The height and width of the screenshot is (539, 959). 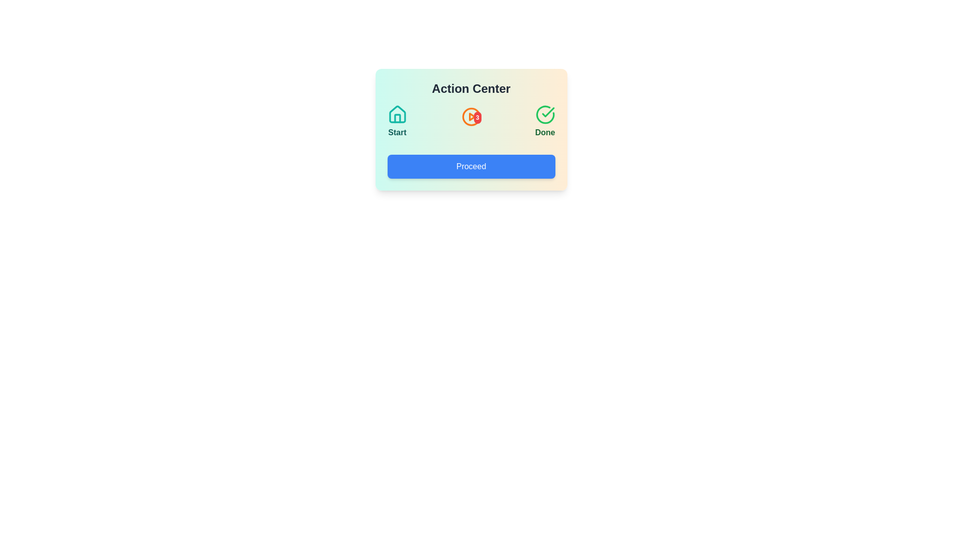 What do you see at coordinates (397, 114) in the screenshot?
I see `the 'Start' action icon located in the upper-left section of the card labeled 'Action Center', which is the leftmost of three horizontally aligned icons` at bounding box center [397, 114].